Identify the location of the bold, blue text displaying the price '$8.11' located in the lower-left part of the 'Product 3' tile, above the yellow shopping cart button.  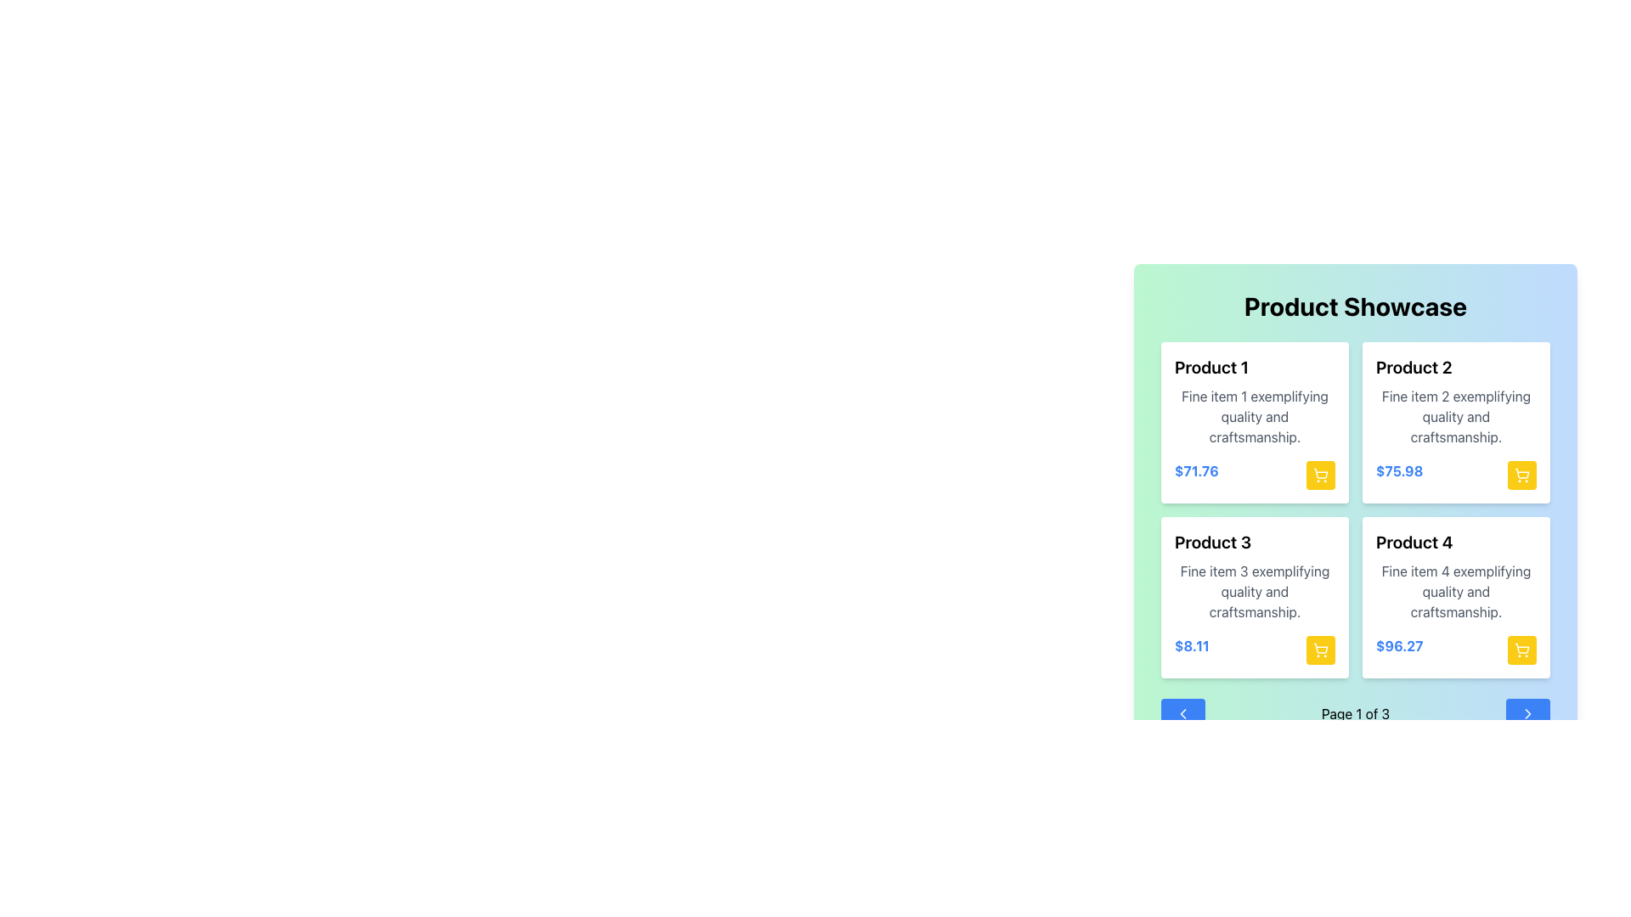
(1191, 650).